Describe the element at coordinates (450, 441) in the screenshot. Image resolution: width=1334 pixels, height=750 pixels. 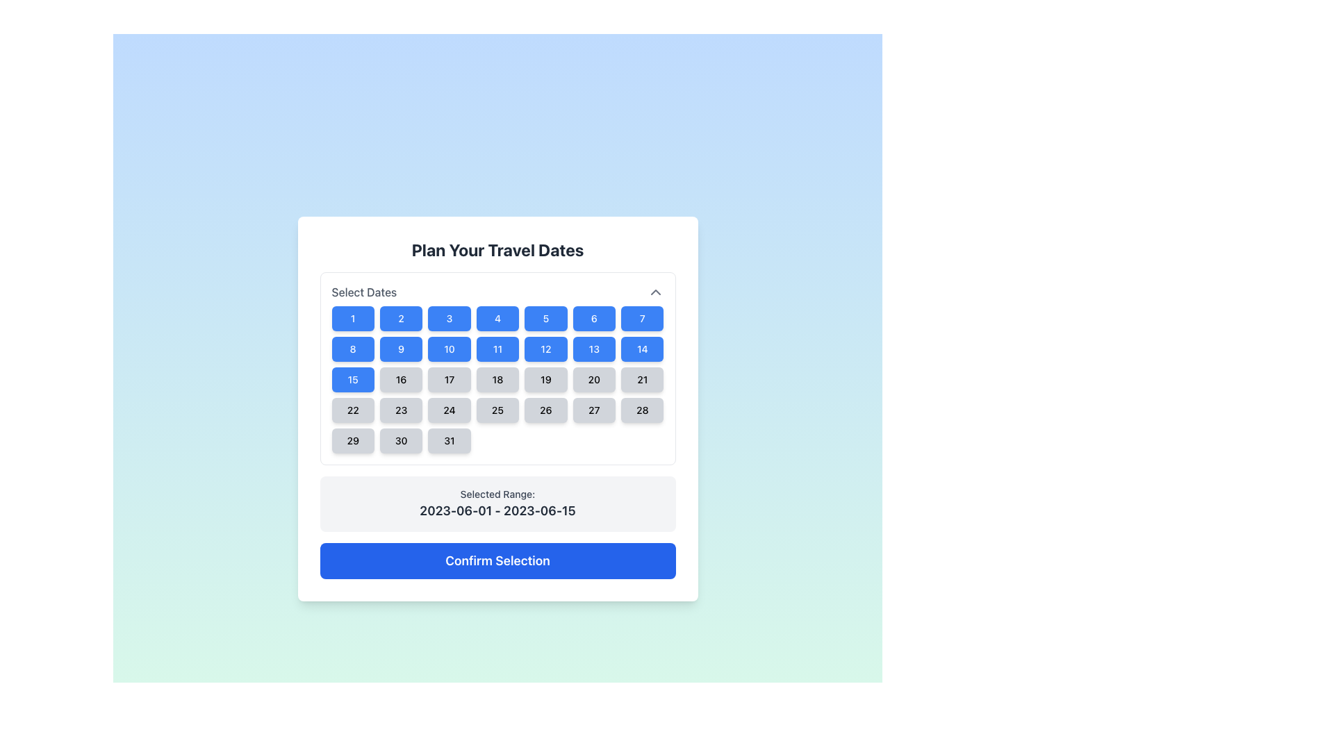
I see `the button displaying the number '31'` at that location.